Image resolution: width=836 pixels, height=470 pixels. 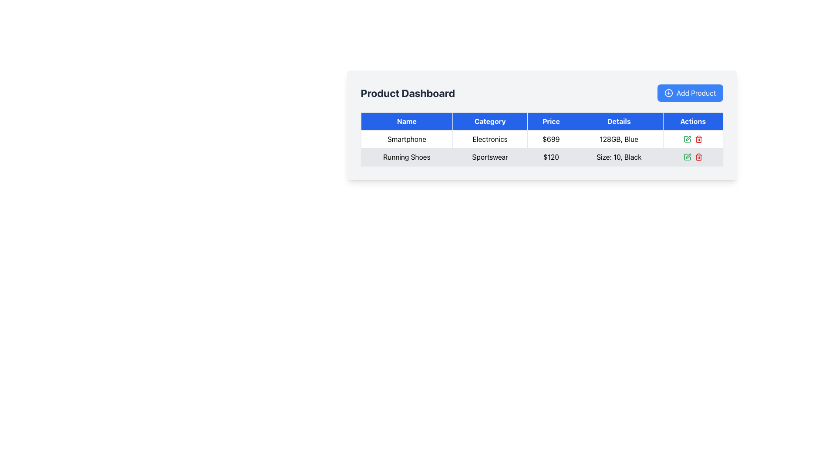 I want to click on the blue rectangular header cell in the first column of the table that contains the text 'Name', so click(x=406, y=121).